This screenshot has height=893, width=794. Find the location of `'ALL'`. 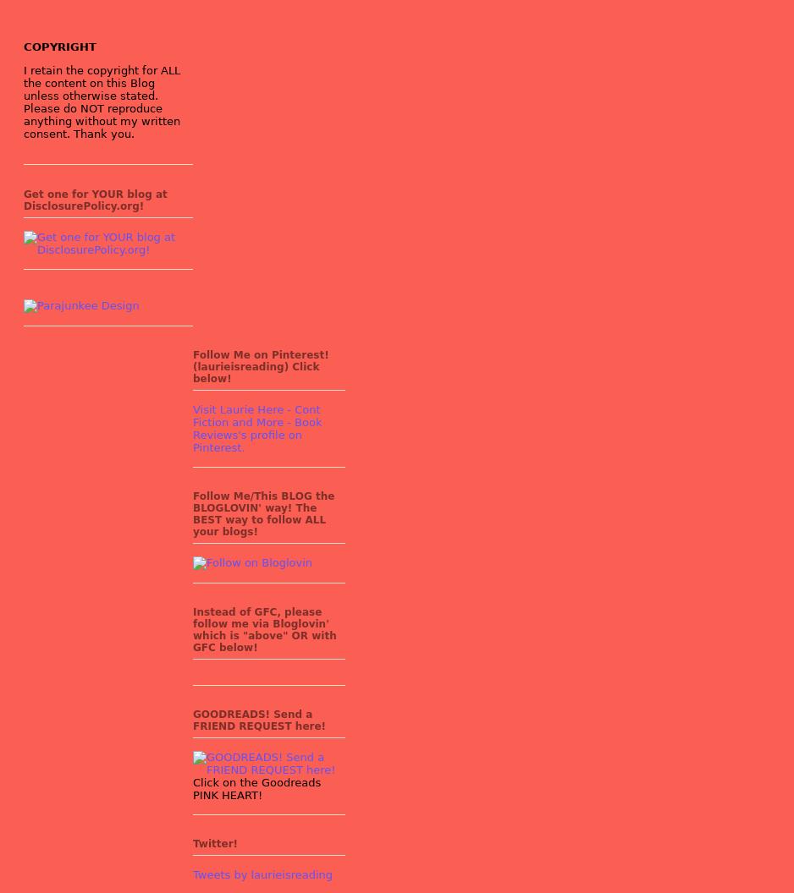

'ALL' is located at coordinates (170, 69).